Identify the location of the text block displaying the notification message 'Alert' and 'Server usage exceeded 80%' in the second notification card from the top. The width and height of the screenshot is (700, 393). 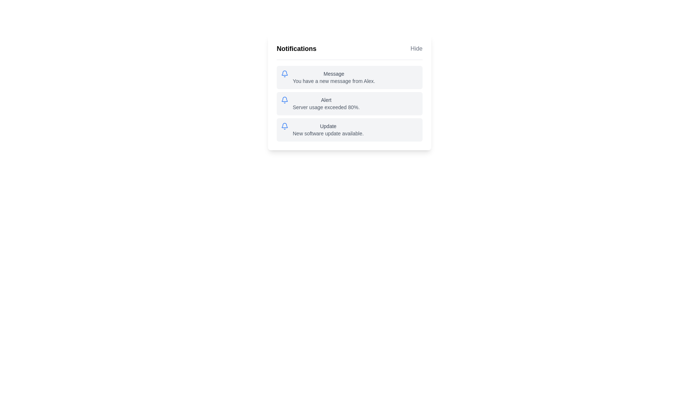
(326, 104).